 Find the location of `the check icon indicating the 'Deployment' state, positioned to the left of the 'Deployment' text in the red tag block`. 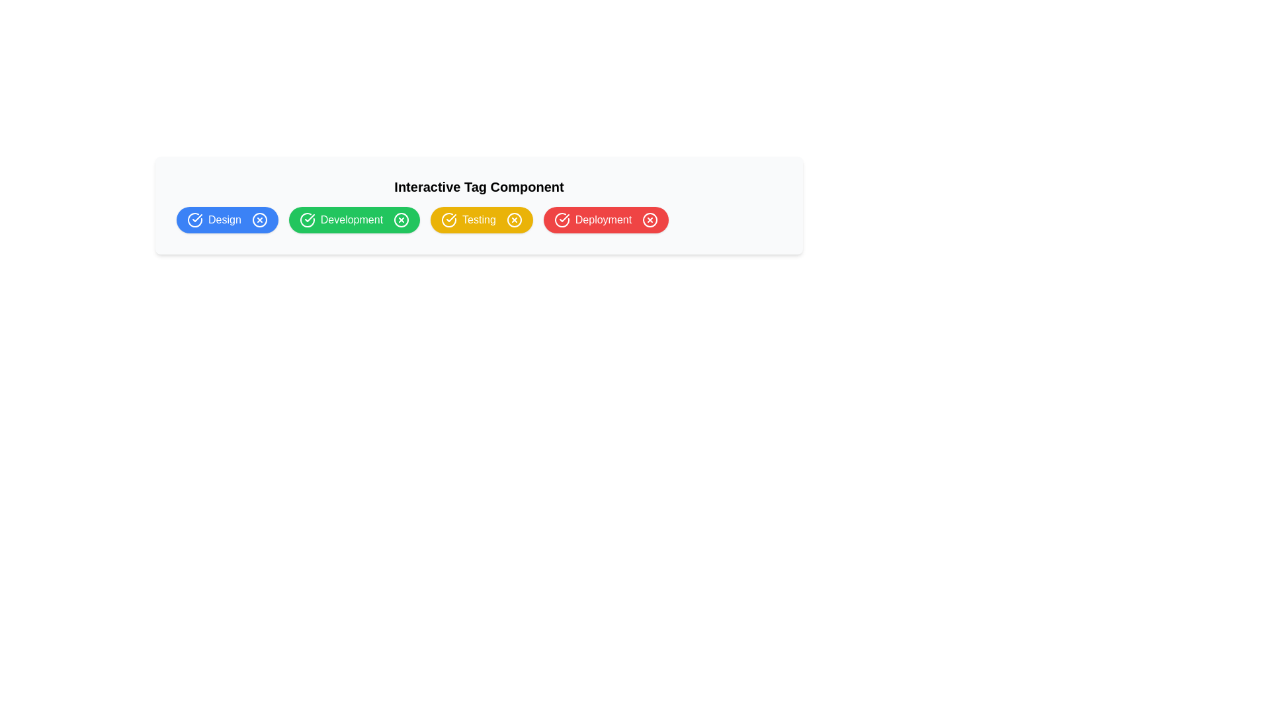

the check icon indicating the 'Deployment' state, positioned to the left of the 'Deployment' text in the red tag block is located at coordinates (562, 219).